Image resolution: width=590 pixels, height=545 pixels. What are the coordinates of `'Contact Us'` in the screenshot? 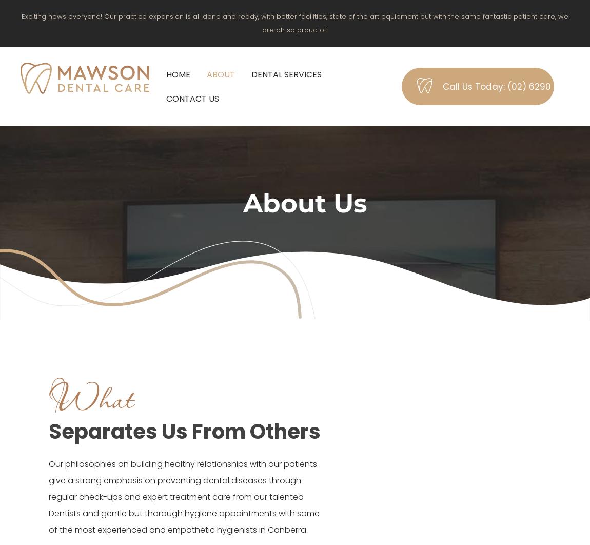 It's located at (166, 98).